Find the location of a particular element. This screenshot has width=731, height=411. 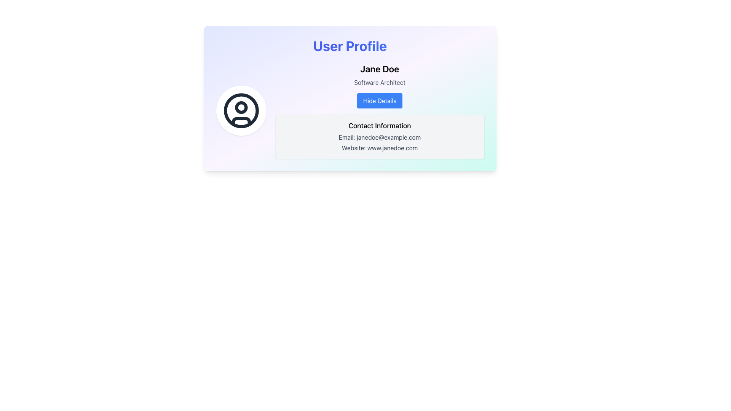

the text label displaying 'Software Architect', which is center-aligned beneath the name 'Jane Doe' is located at coordinates (380, 82).